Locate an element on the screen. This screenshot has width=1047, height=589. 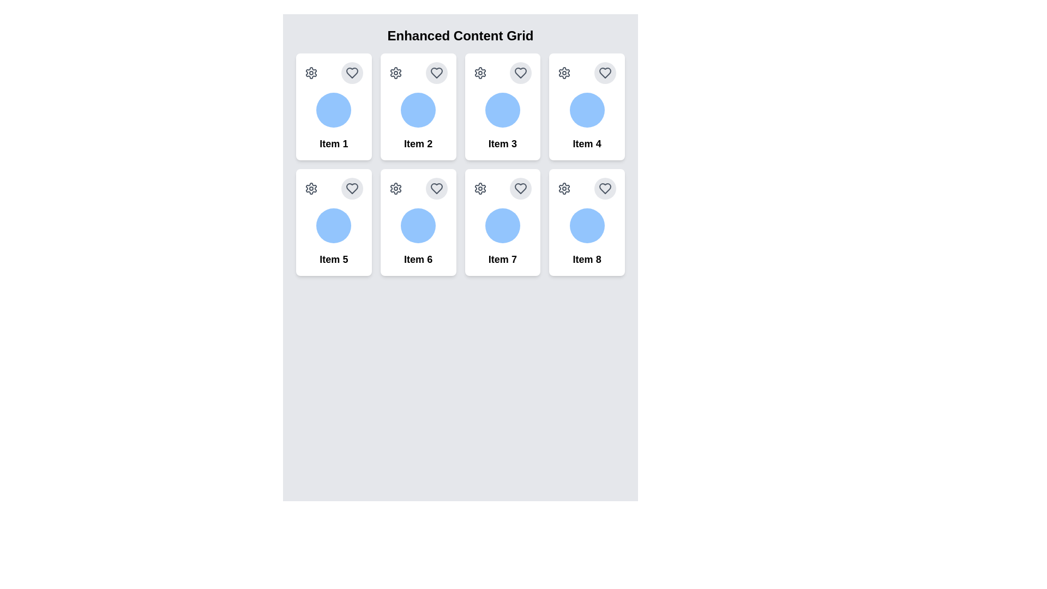
the favorite icon located in the upper right corner of the card labeled 'Item 2', which is adjacent to the gear icon is located at coordinates (436, 73).